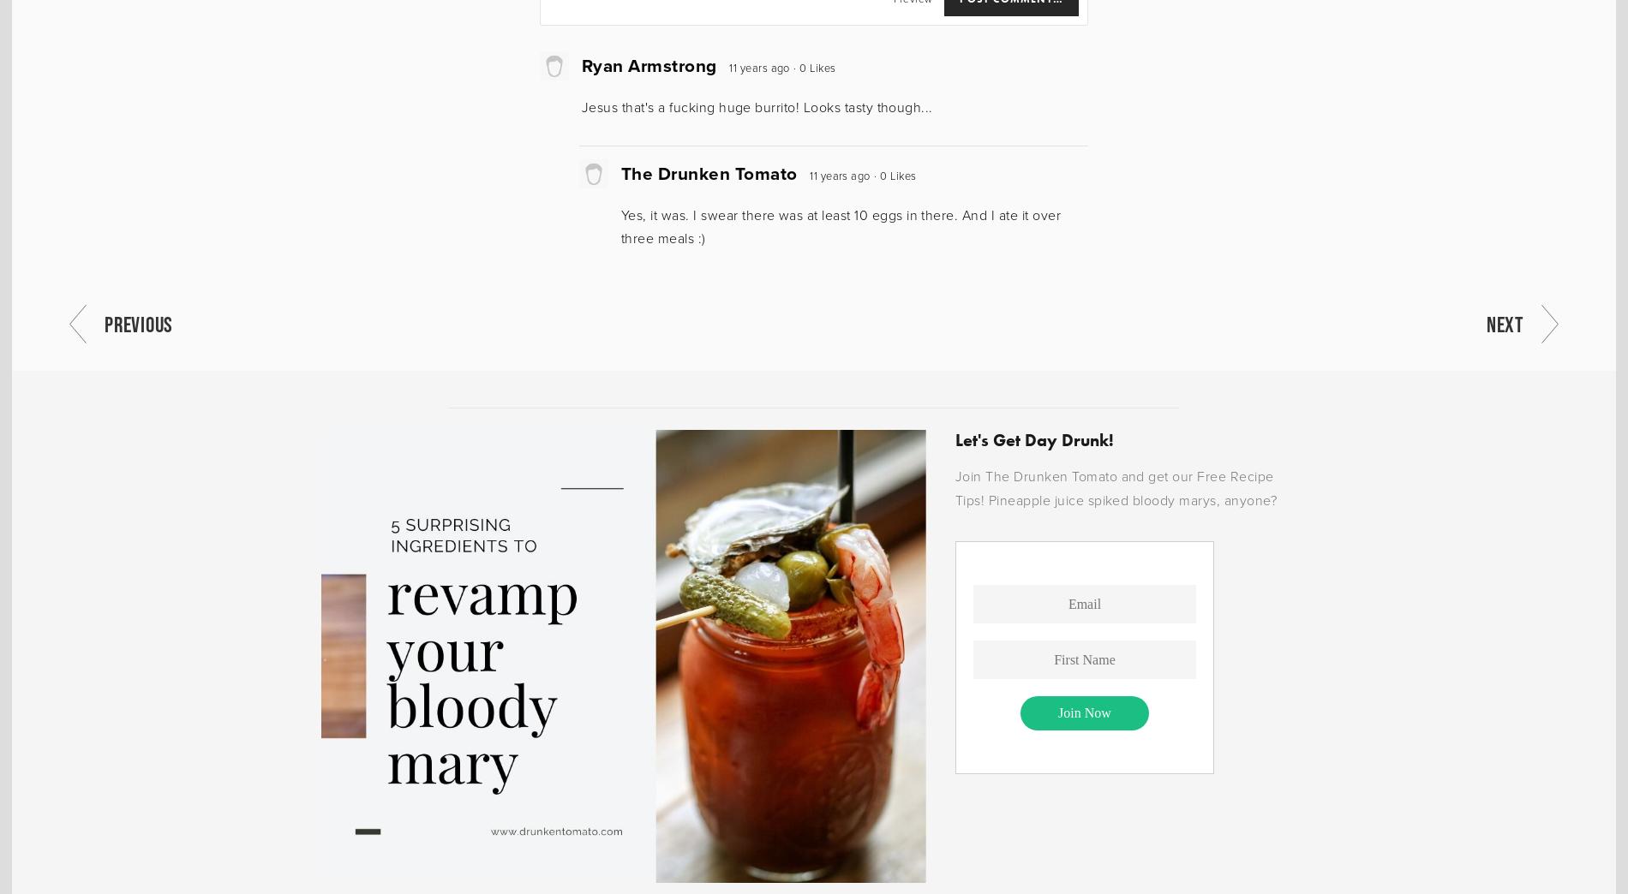 The width and height of the screenshot is (1628, 894). Describe the element at coordinates (756, 107) in the screenshot. I see `'Jesus that's a fucking huge burrito! Looks tasty though...'` at that location.